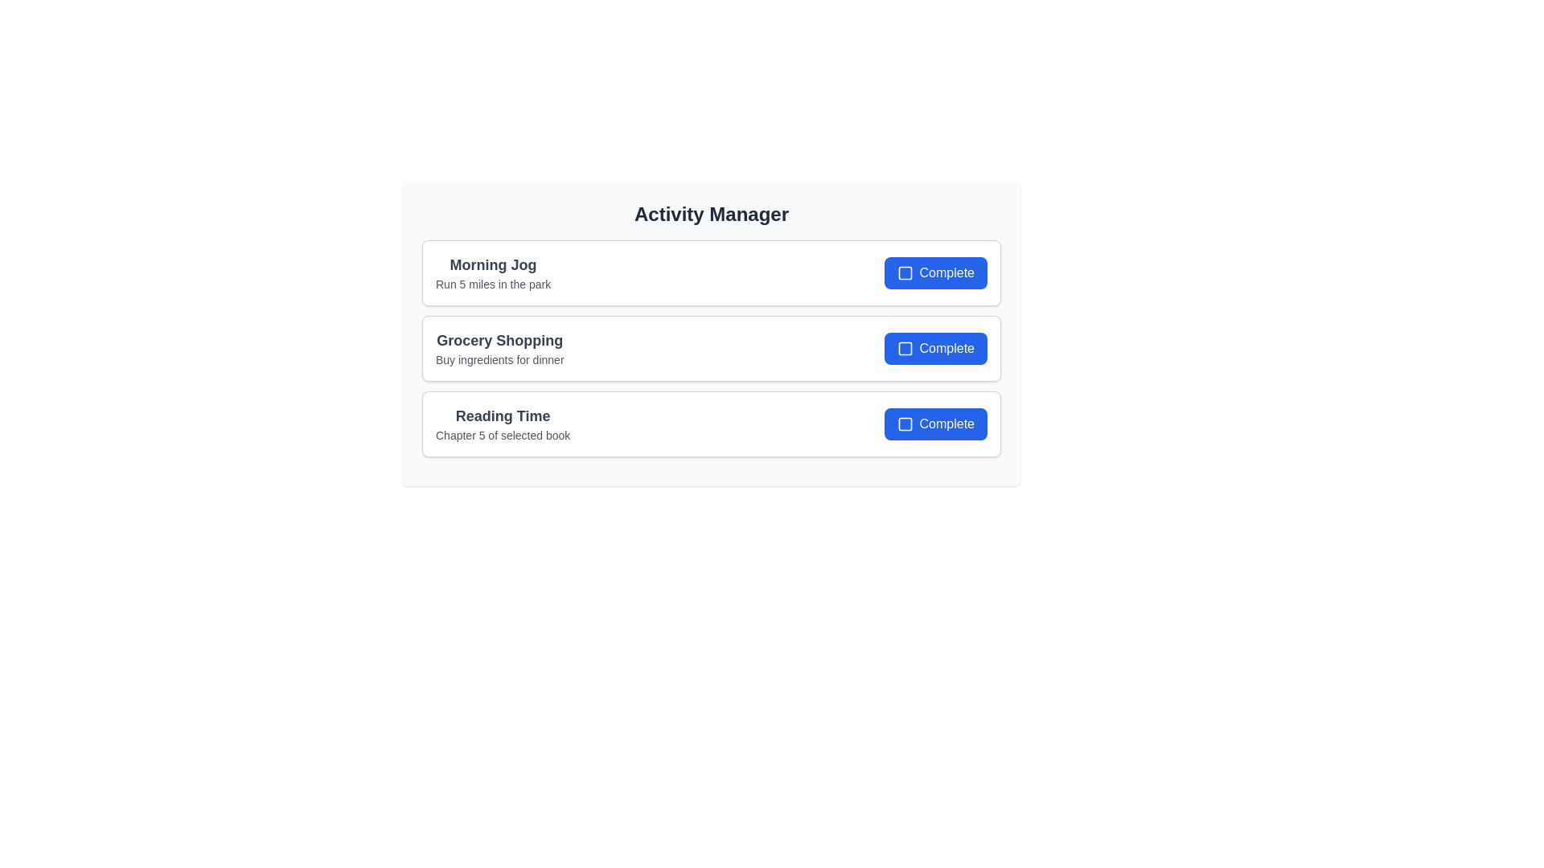 This screenshot has height=868, width=1544. Describe the element at coordinates (947, 272) in the screenshot. I see `text of the interactive button labeled 'Complete', which displays the word 'Complete' in bold white text against a blue background` at that location.